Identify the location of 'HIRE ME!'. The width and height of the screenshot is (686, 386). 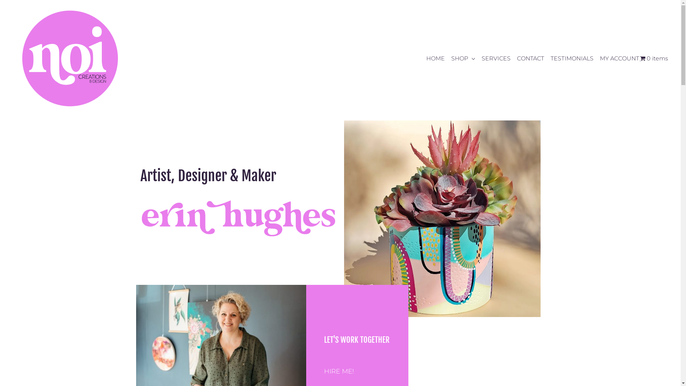
(339, 371).